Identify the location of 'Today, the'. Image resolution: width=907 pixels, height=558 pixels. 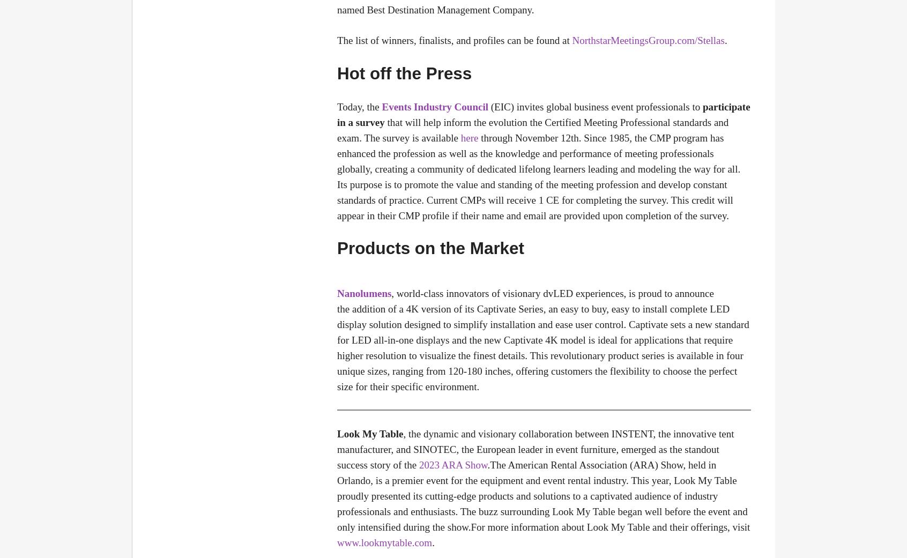
(359, 106).